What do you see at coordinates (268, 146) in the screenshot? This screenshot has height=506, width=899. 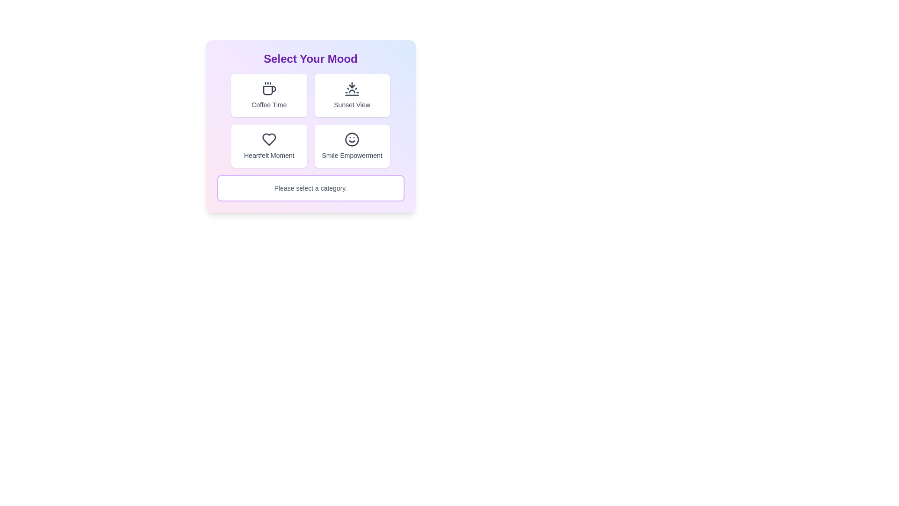 I see `the button labeled 'Heartfelt Moment' which features a heart icon above it` at bounding box center [268, 146].